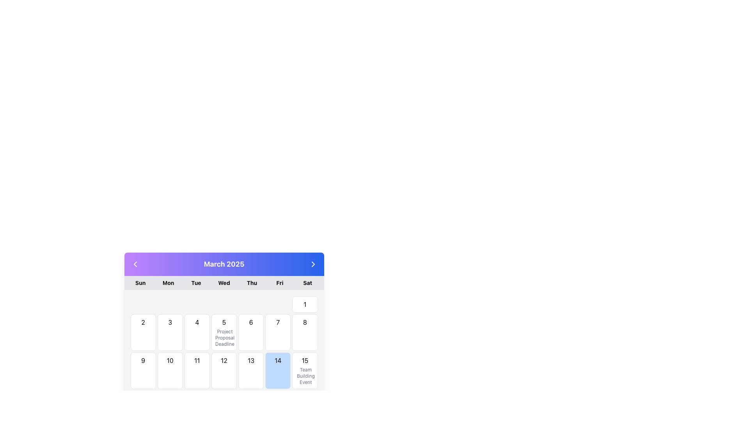  What do you see at coordinates (252, 283) in the screenshot?
I see `the Text element displaying 'Thu', which is styled in bold and indicates a day of the week in a calendar header` at bounding box center [252, 283].